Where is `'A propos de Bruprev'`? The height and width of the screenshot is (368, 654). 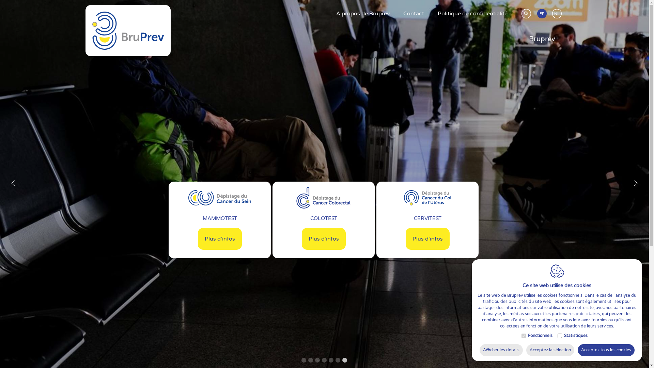 'A propos de Bruprev' is located at coordinates (334, 13).